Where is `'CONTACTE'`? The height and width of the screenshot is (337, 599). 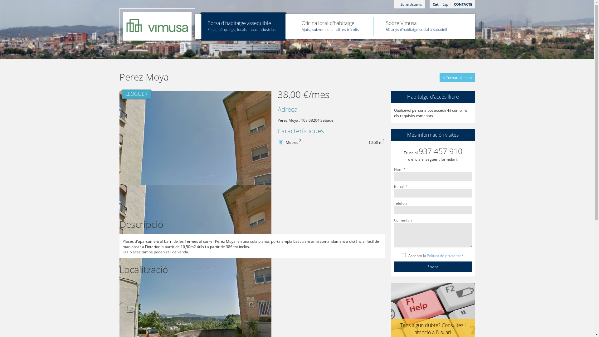
'CONTACTE' is located at coordinates (450, 4).